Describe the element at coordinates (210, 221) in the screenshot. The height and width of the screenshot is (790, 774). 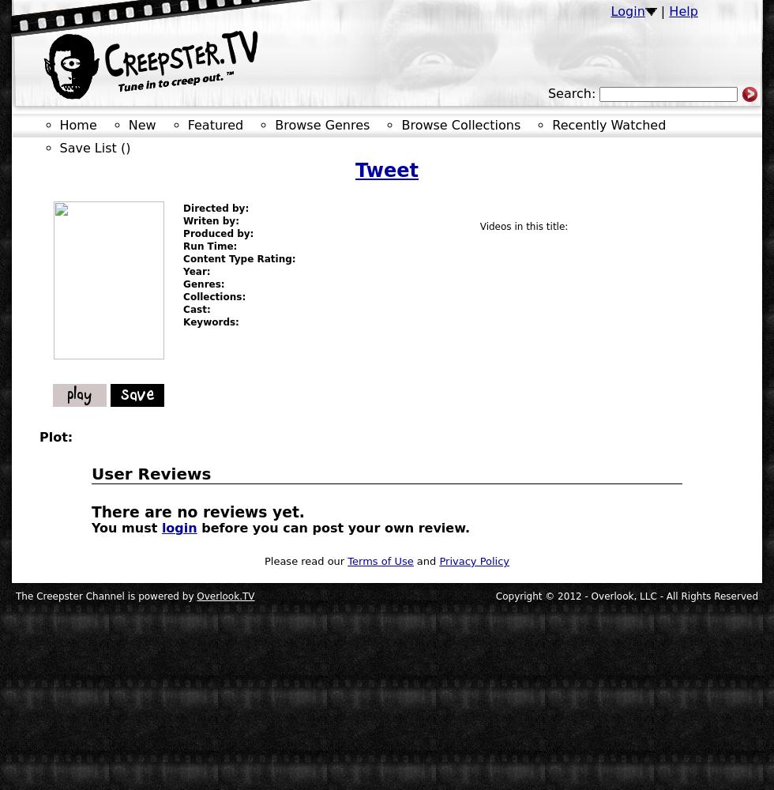
I see `'Writen by:'` at that location.